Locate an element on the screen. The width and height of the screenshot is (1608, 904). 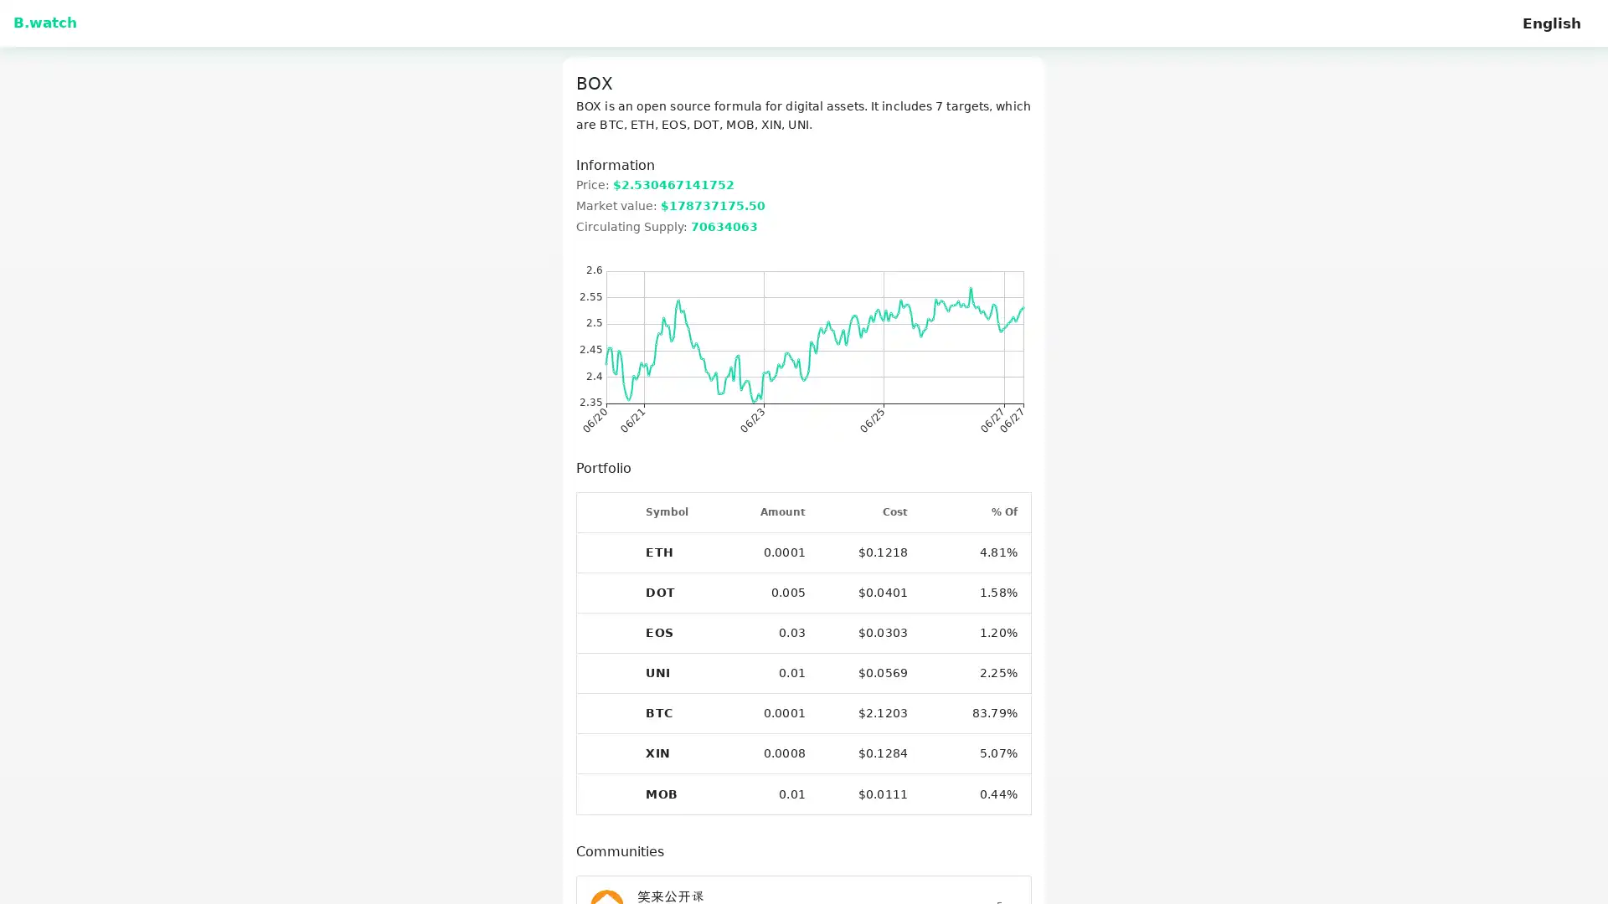
English is located at coordinates (1550, 26).